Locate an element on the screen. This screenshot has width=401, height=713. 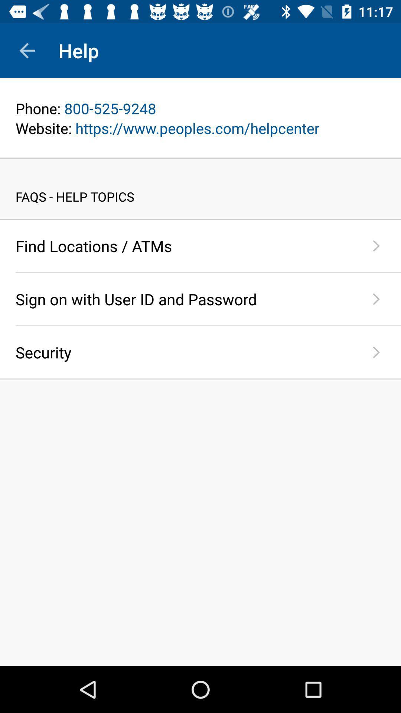
the item above faqs - help topics app is located at coordinates (200, 158).